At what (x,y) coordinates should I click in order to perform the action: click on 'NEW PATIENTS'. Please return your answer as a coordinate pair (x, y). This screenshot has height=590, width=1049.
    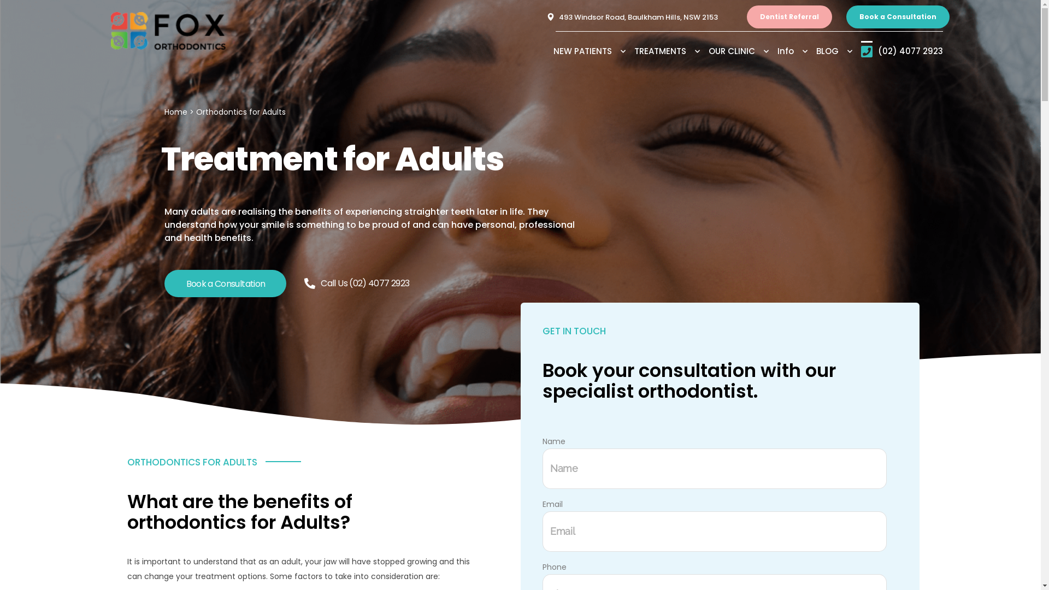
    Looking at the image, I should click on (592, 51).